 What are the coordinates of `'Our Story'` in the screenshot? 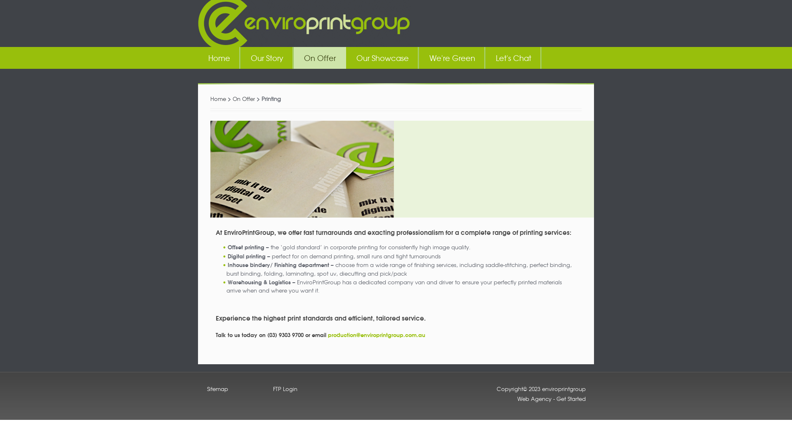 It's located at (267, 57).